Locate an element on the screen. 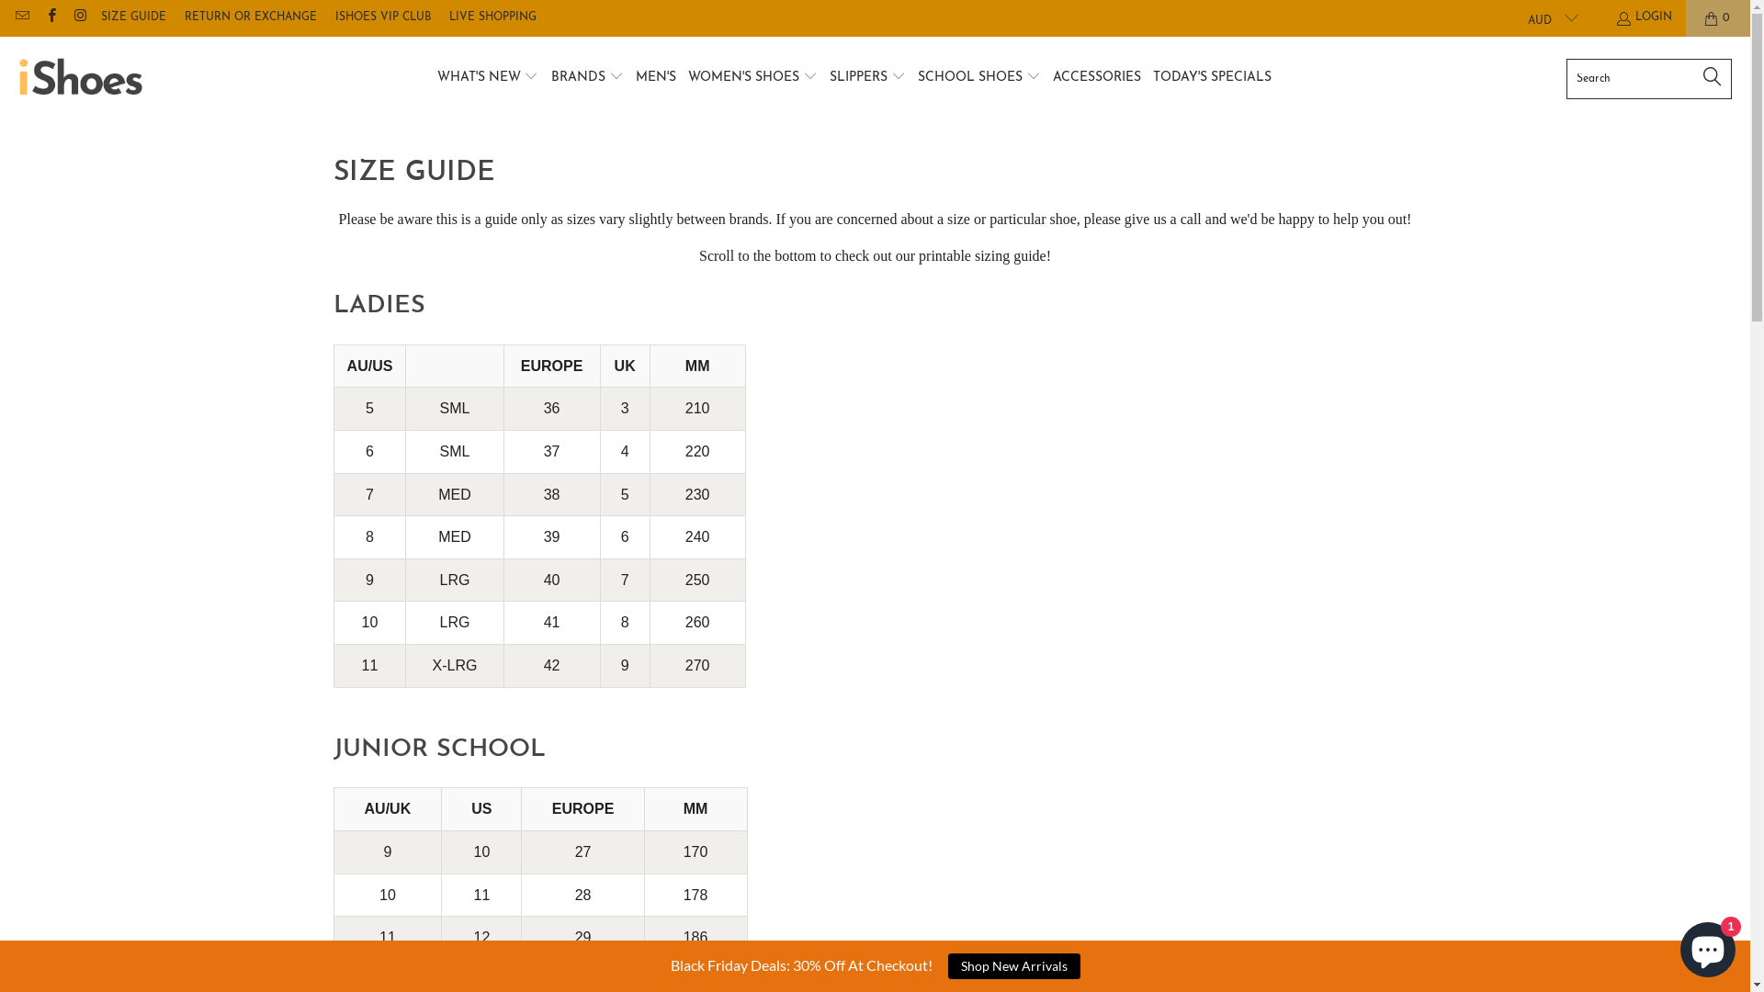 Image resolution: width=1764 pixels, height=992 pixels. 'Email iShoes' is located at coordinates (13, 17).